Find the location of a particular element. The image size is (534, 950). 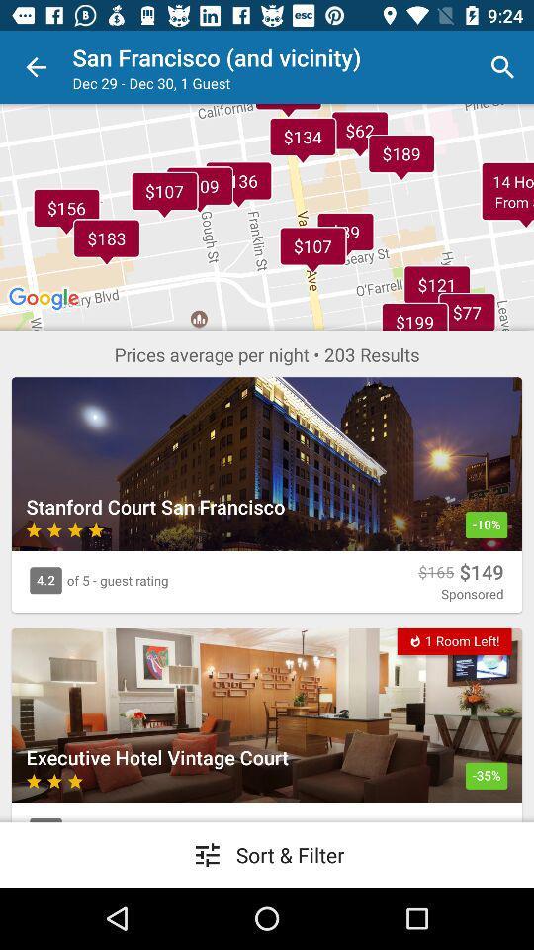

the 1st image completely below the maps is located at coordinates (267, 493).